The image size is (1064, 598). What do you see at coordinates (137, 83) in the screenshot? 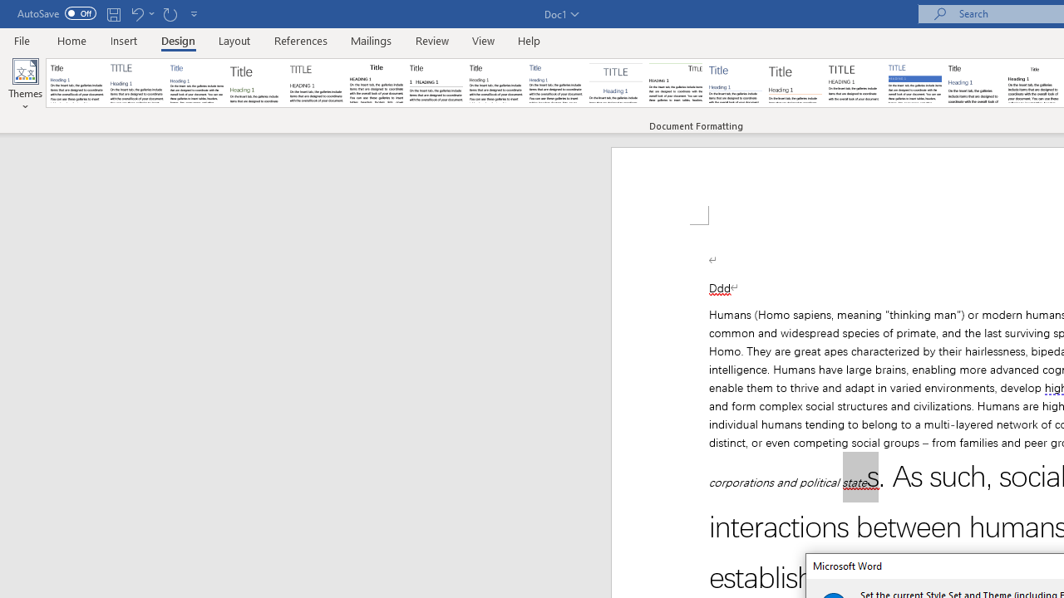
I see `'Basic (Elegant)'` at bounding box center [137, 83].